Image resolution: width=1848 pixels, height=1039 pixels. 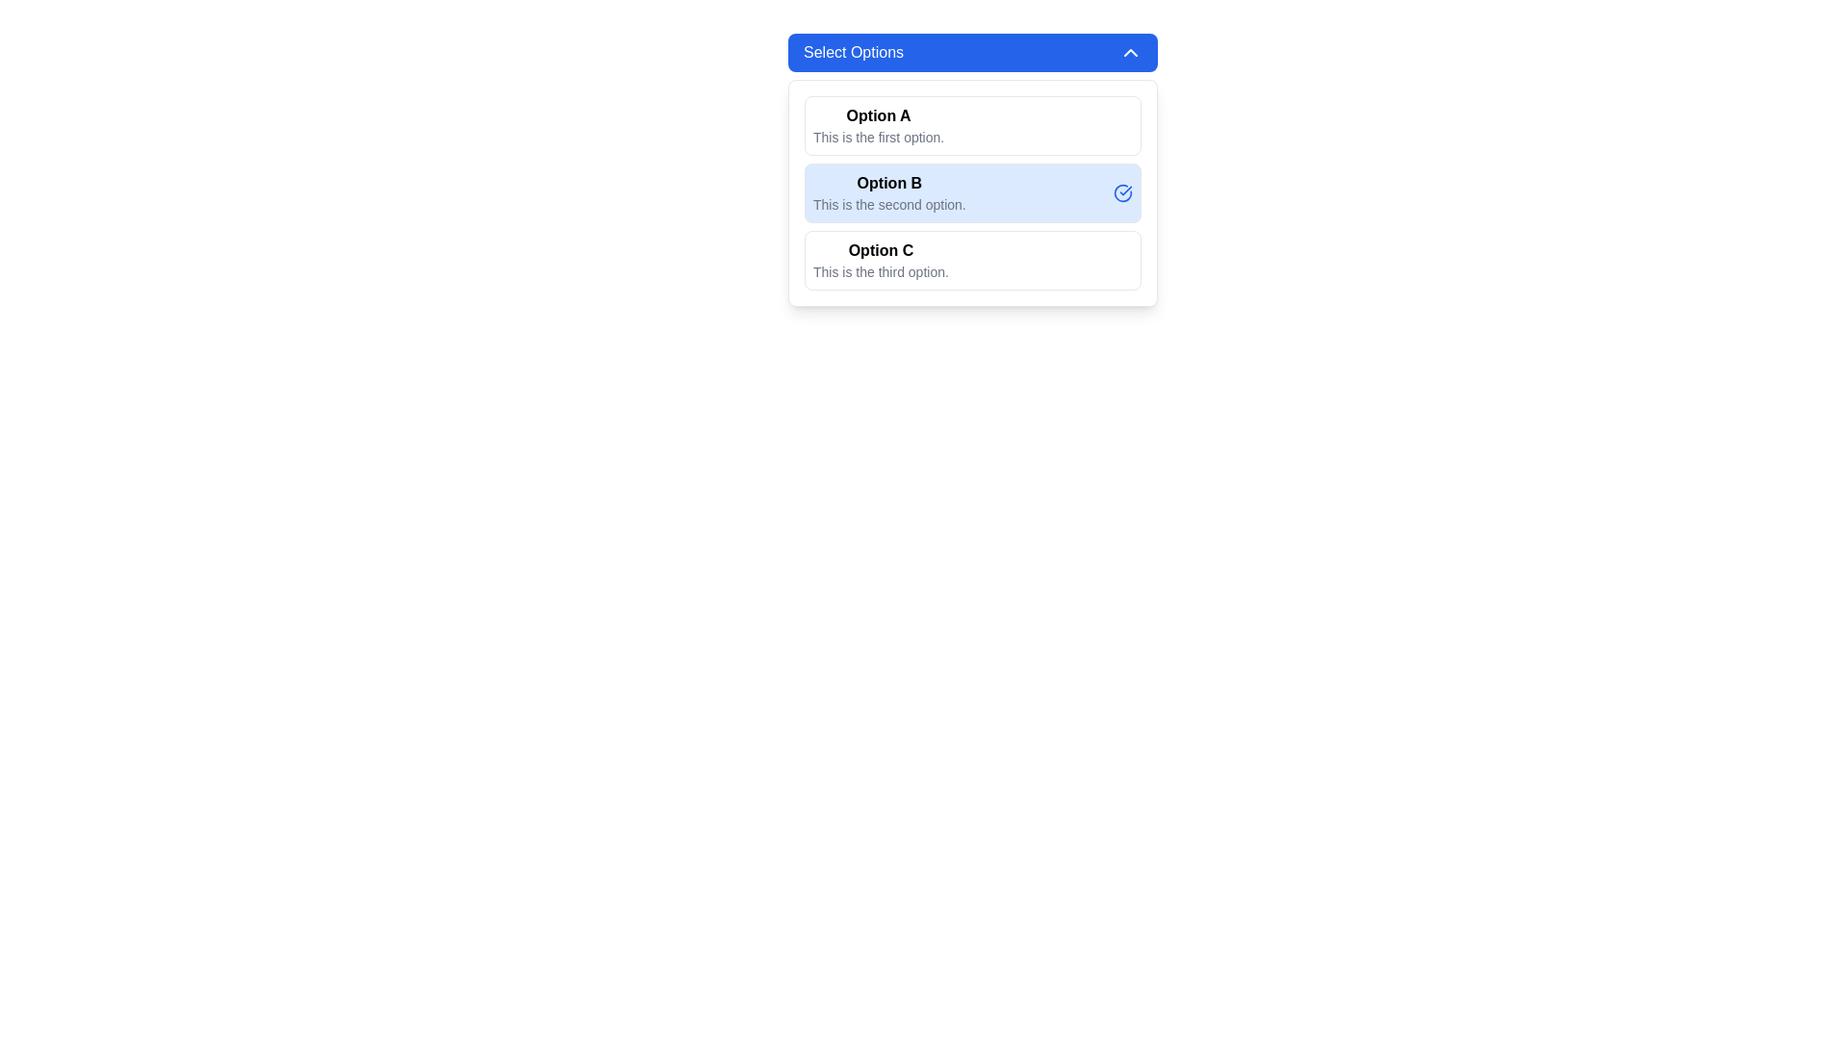 What do you see at coordinates (1131, 51) in the screenshot?
I see `the small triangular arrow icon at the upper-right corner of the 'Select Options' header` at bounding box center [1131, 51].